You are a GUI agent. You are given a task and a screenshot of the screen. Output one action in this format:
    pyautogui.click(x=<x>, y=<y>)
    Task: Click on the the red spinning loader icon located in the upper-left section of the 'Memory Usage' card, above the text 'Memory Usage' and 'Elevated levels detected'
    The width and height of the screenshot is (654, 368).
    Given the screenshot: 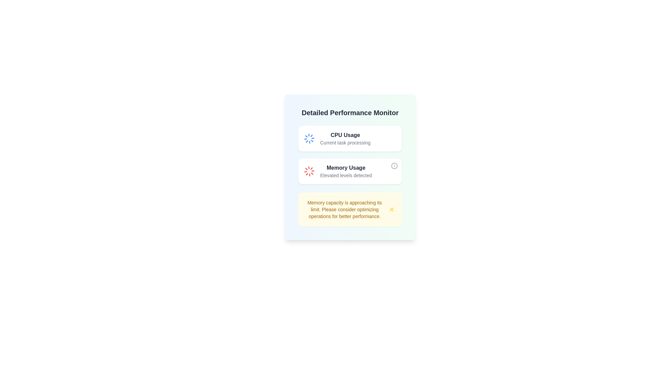 What is the action you would take?
    pyautogui.click(x=309, y=170)
    